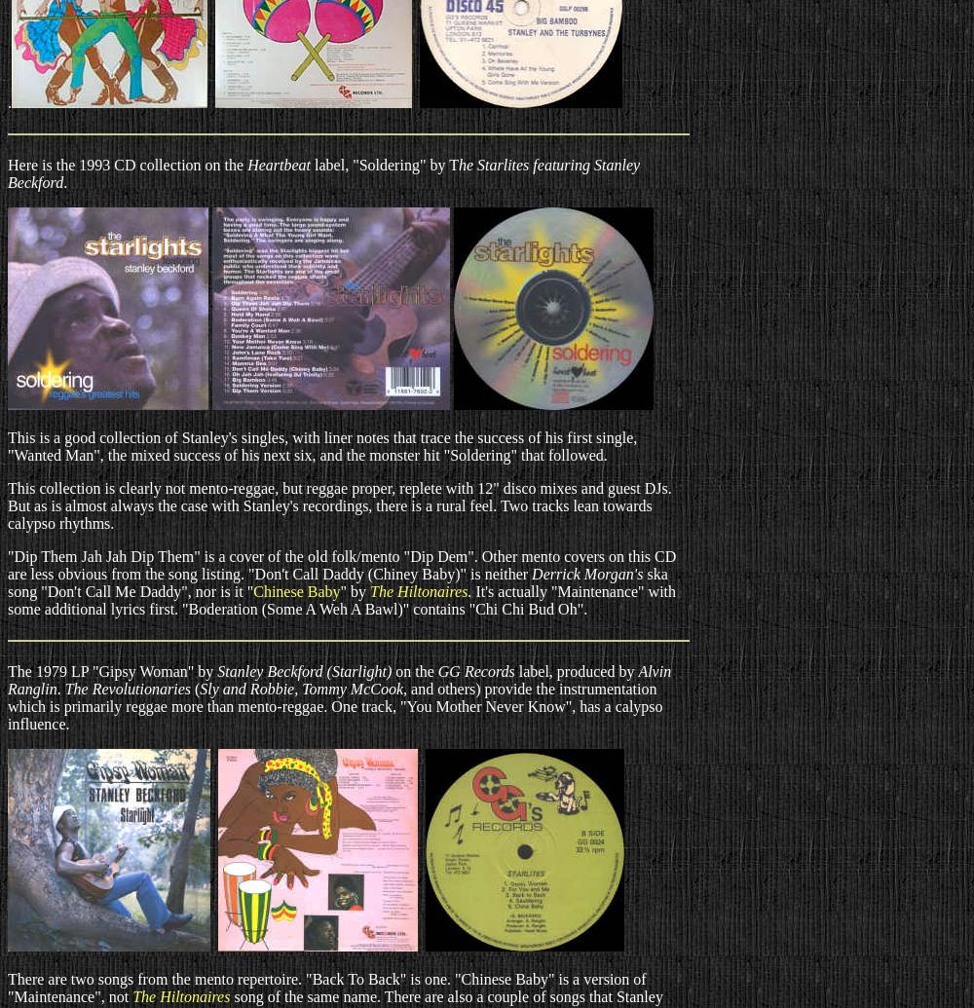 This screenshot has height=1008, width=974. What do you see at coordinates (305, 670) in the screenshot?
I see `'Stanley 
		Beckford (Starlight)'` at bounding box center [305, 670].